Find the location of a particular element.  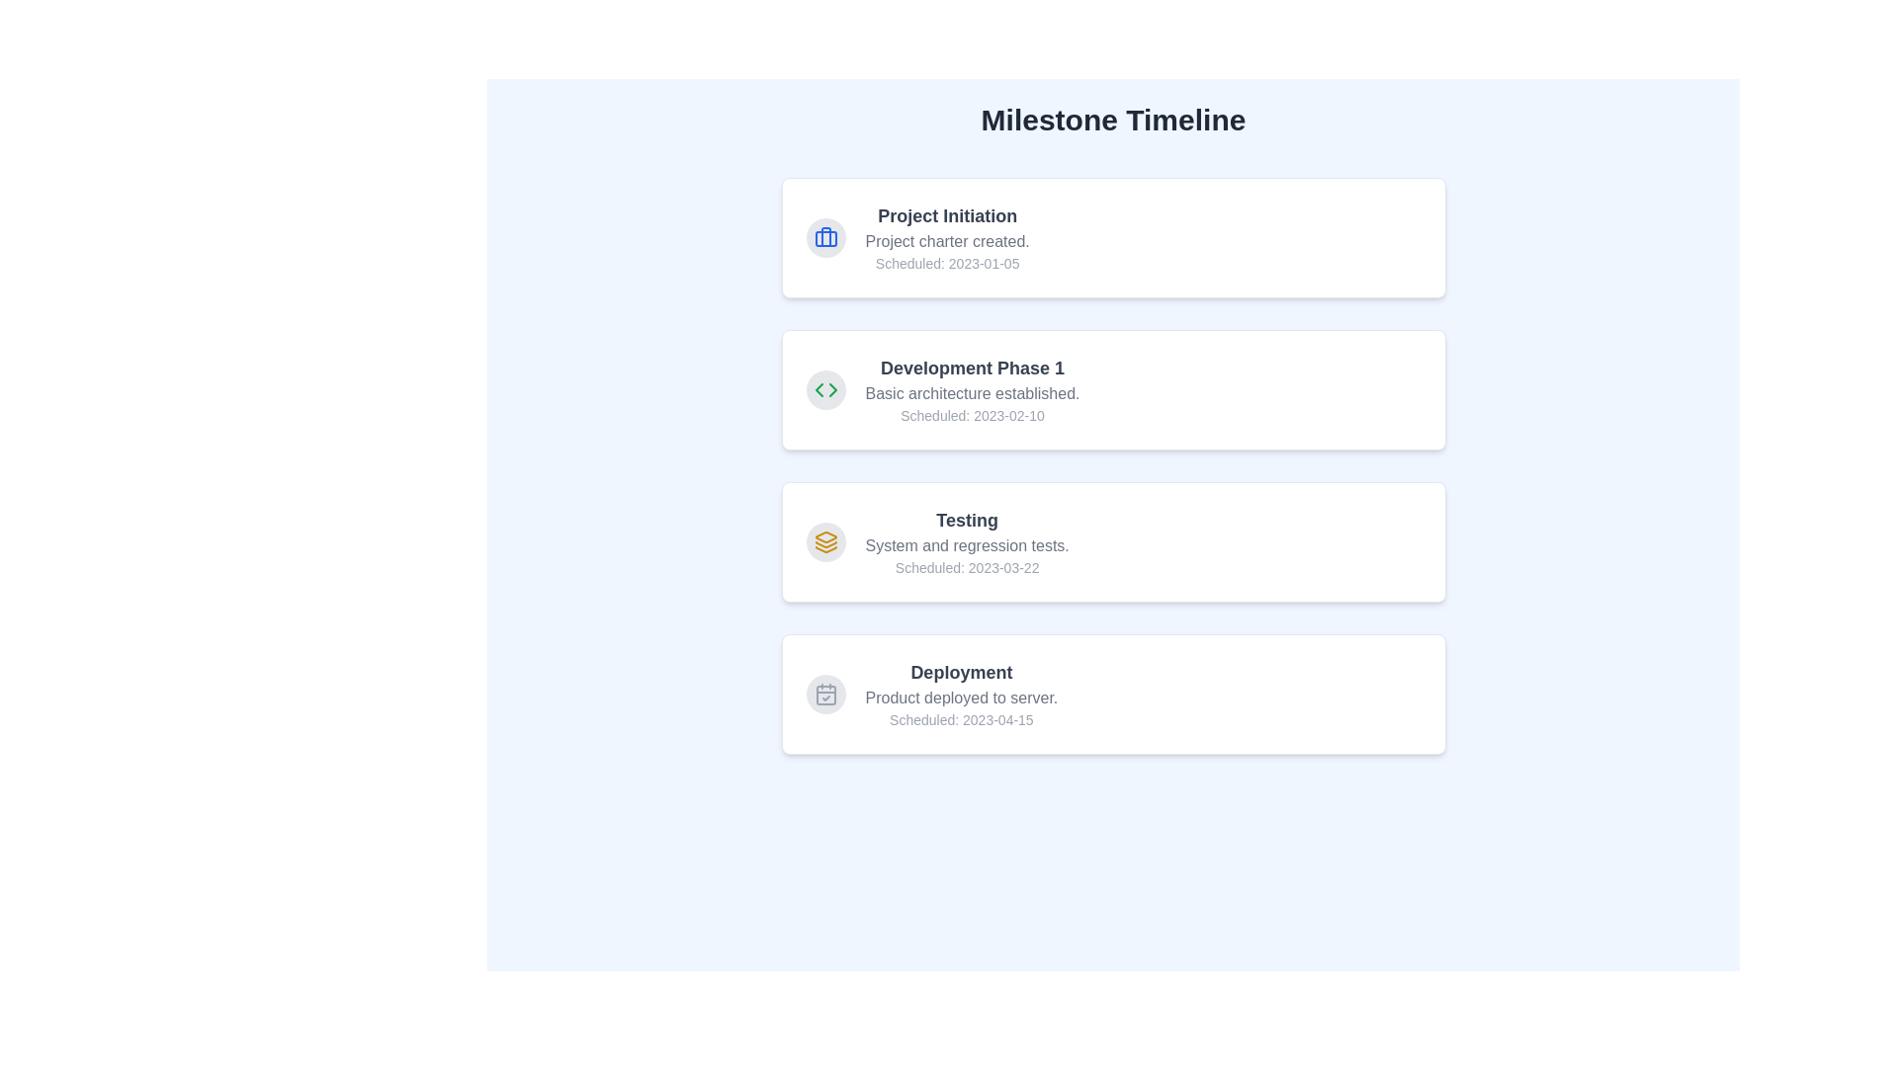

descriptive text element providing context for the 'Testing' milestone in the timeline, located below the 'Testing' heading is located at coordinates (967, 545).